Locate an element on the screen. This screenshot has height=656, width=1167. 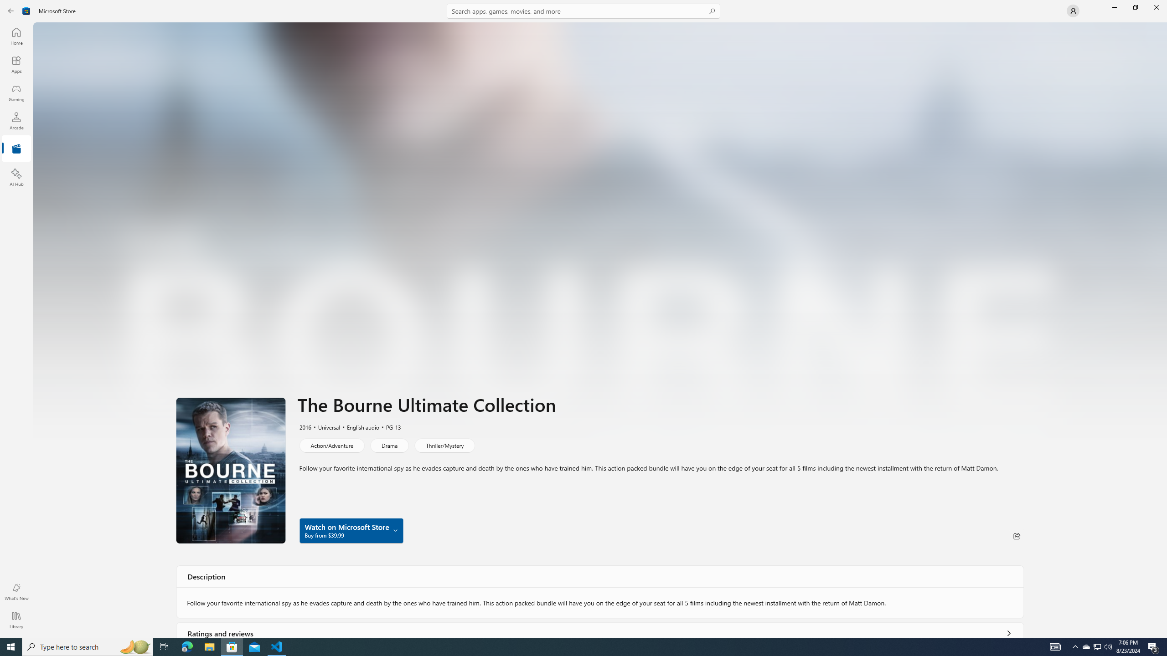
'Apps' is located at coordinates (15, 64).